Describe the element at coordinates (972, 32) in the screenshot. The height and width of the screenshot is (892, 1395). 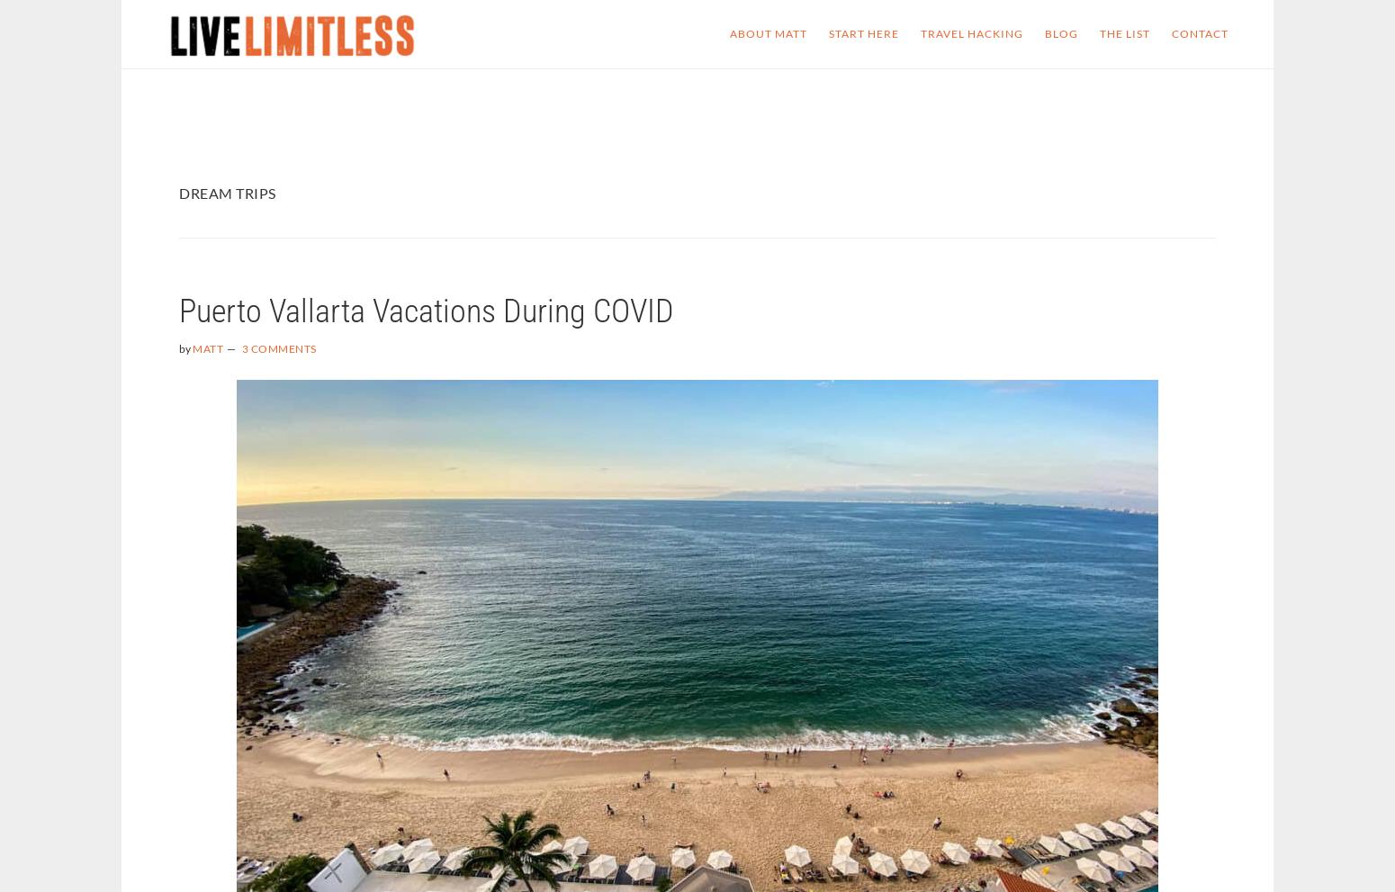
I see `'Travel Hacking'` at that location.